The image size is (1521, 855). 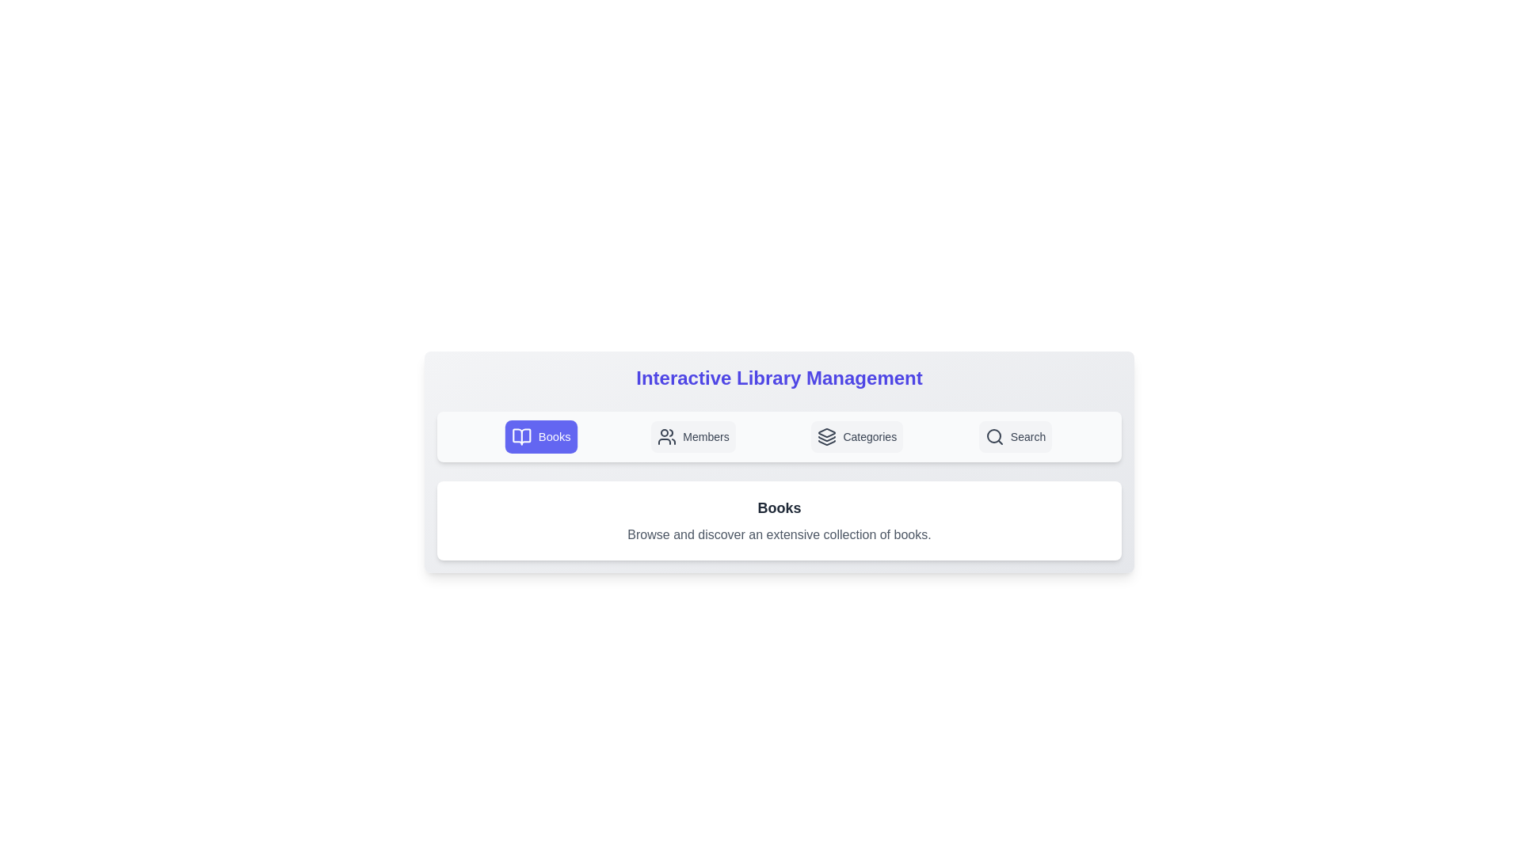 I want to click on the topmost triangular vector graphic element in the SVG icon located in the categories section, so click(x=826, y=433).